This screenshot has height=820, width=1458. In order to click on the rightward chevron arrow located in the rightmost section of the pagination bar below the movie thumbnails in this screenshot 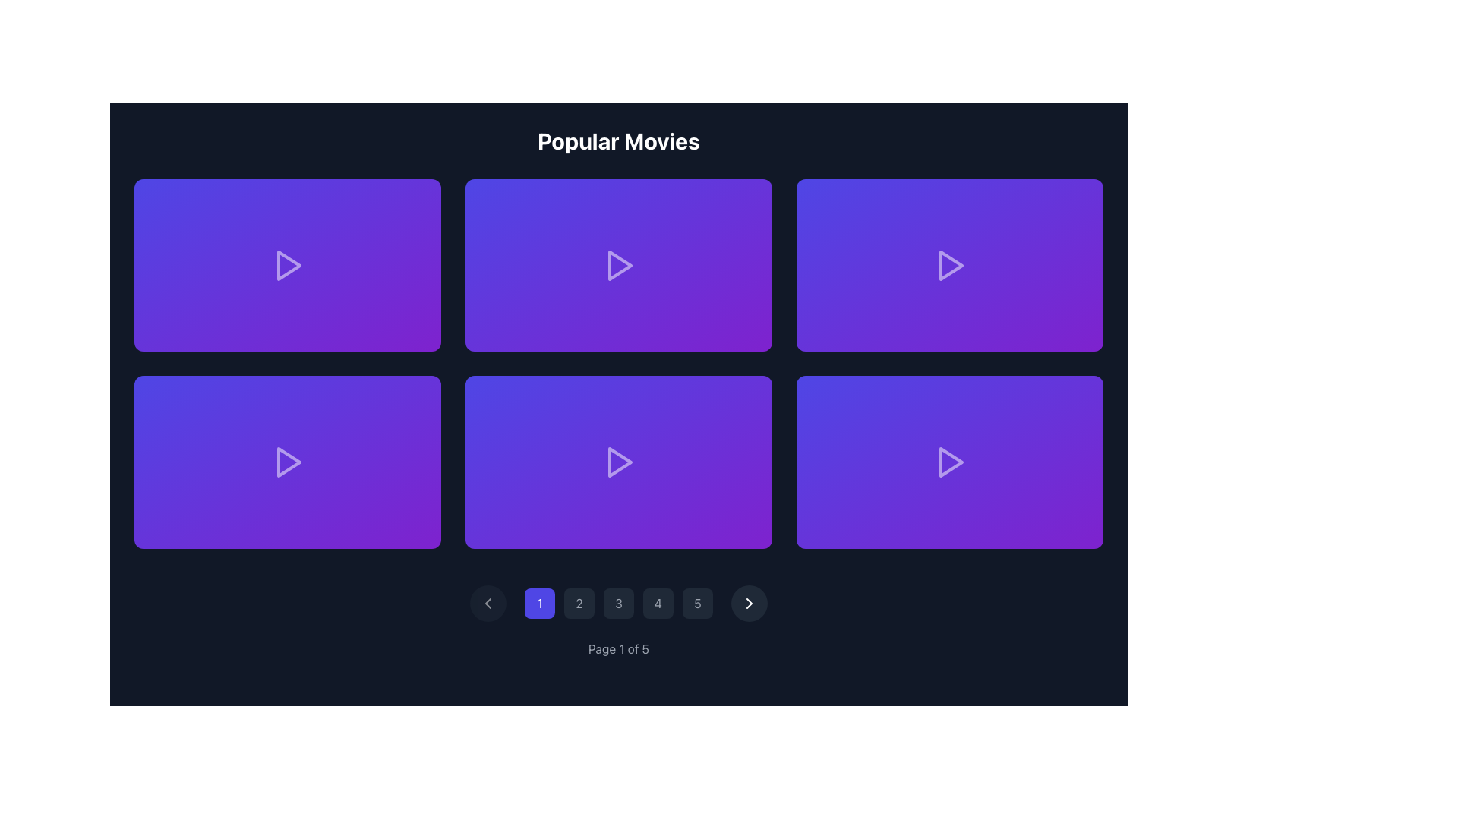, I will do `click(750, 602)`.